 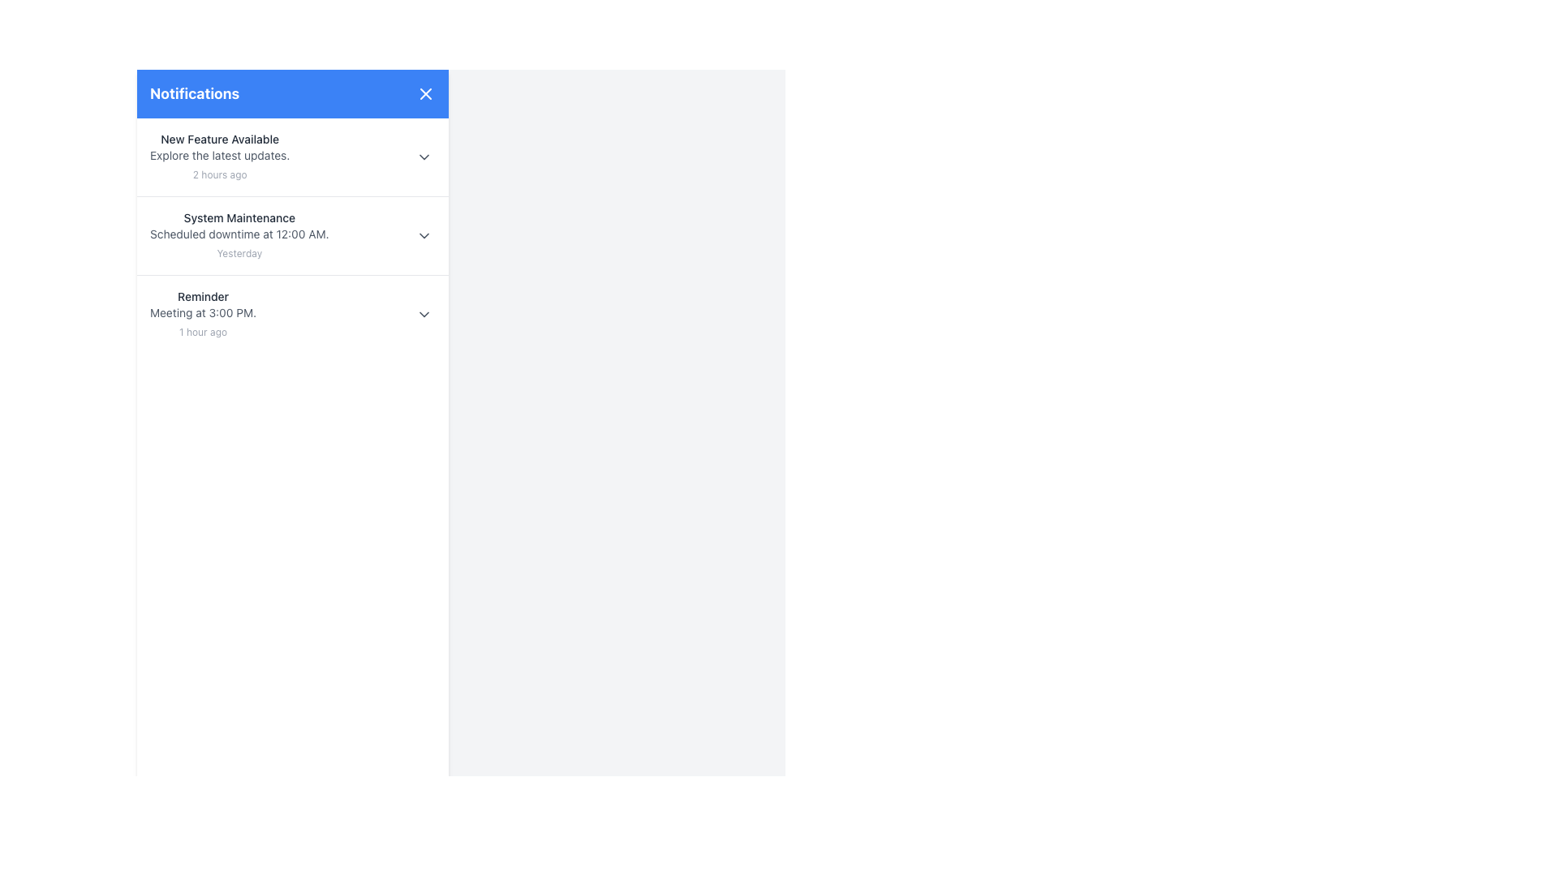 I want to click on the text label that says 'Meeting at 3:00 PM.' located below the heading 'Reminder' in the notification card, so click(x=202, y=312).